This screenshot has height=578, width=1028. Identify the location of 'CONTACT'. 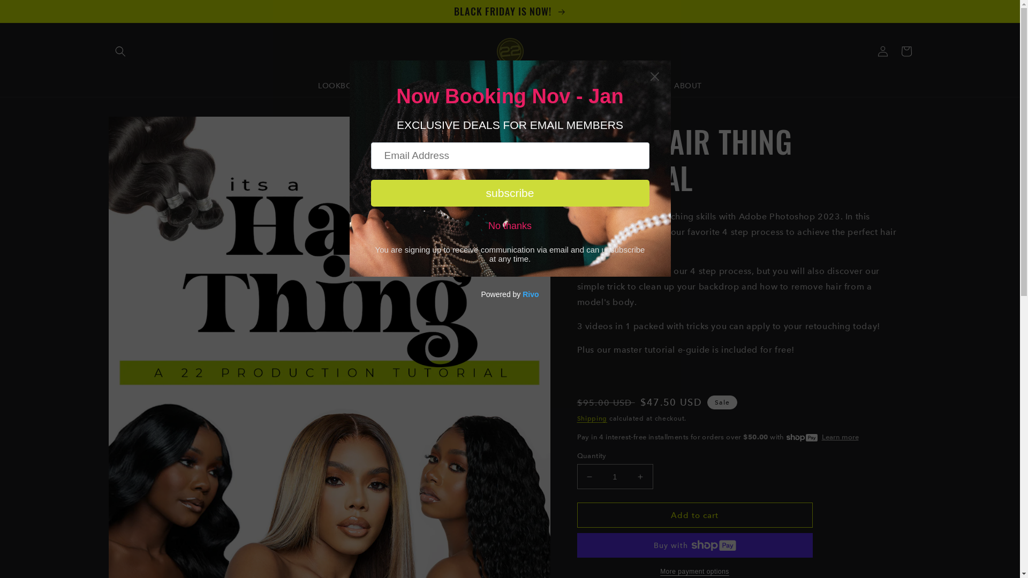
(616, 85).